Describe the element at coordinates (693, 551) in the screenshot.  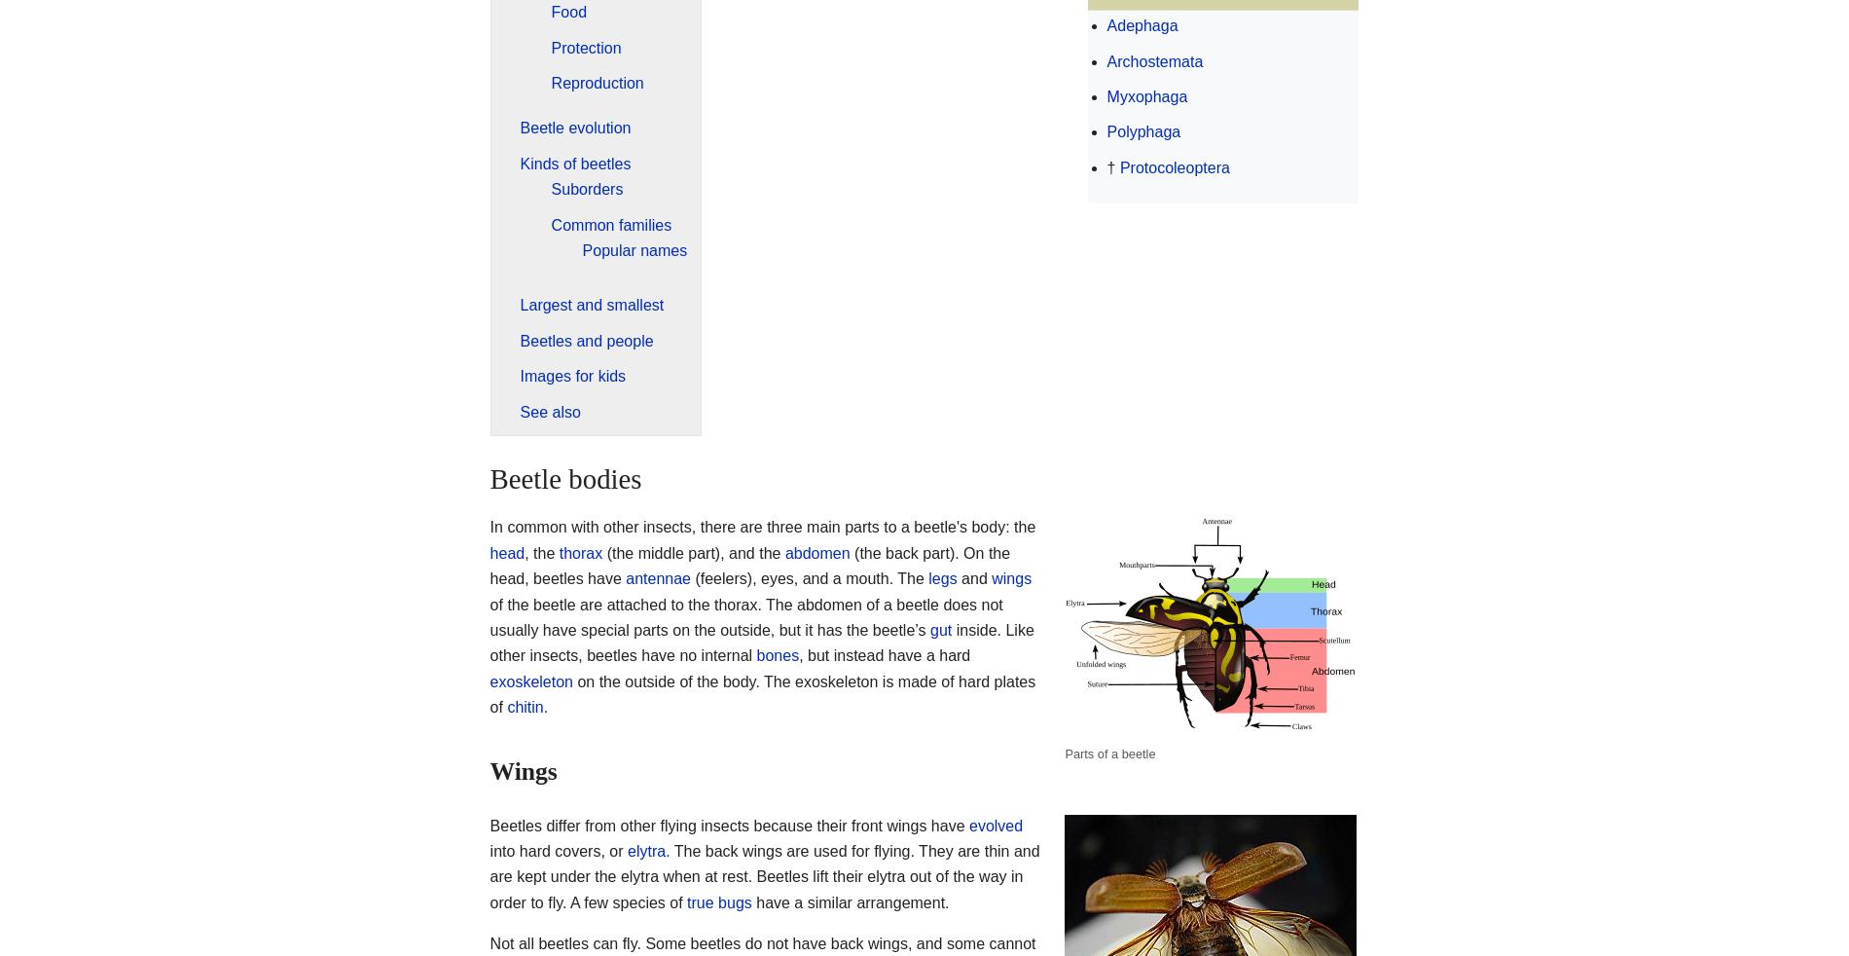
I see `'(the middle part), and the'` at that location.